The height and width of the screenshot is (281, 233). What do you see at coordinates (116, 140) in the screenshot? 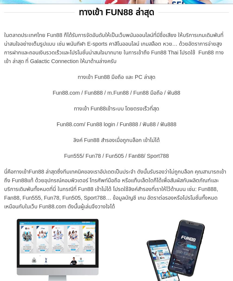
I see `'ลิงค์ Fun88 สำรองเมื่อถูกบล็อก เข้าไม่ได้'` at bounding box center [116, 140].